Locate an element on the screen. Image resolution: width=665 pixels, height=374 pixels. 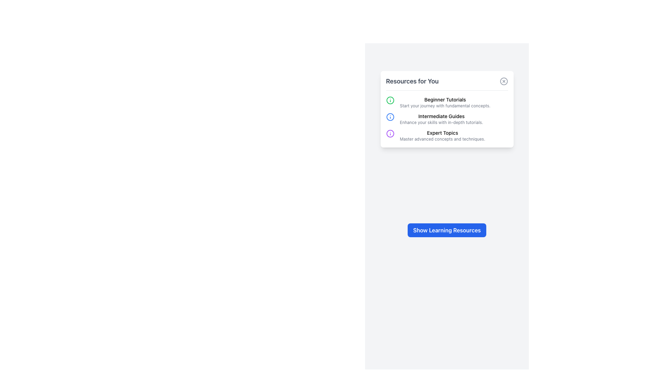
the Informational Text Section titled 'Beginner Tutorials' which has a subtitle 'Start your journey with fundamental concepts.' is located at coordinates (445, 103).